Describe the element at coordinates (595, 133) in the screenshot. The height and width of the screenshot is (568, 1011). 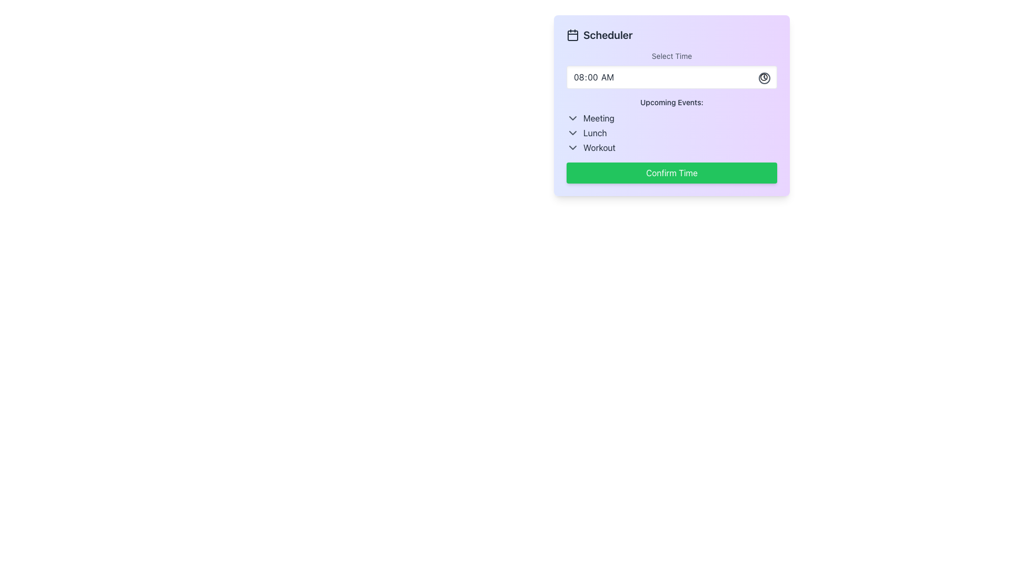
I see `the static text label displaying 'Lunch' in dark gray, which is the second entry in the interactive list of upcoming events` at that location.